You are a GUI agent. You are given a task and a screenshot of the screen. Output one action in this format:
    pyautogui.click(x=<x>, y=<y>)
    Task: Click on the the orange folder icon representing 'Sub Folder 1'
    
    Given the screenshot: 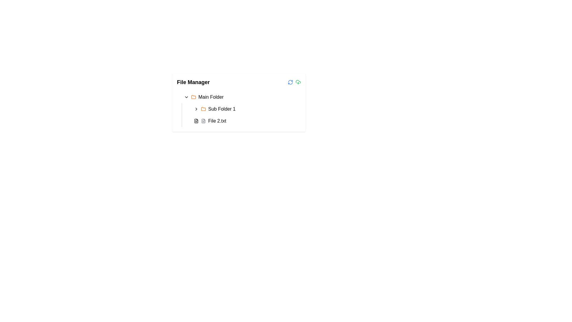 What is the action you would take?
    pyautogui.click(x=203, y=109)
    